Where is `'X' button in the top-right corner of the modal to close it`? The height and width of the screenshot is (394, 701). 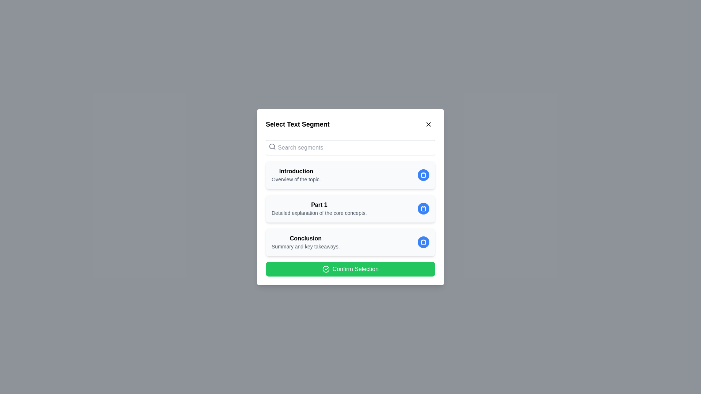 'X' button in the top-right corner of the modal to close it is located at coordinates (429, 123).